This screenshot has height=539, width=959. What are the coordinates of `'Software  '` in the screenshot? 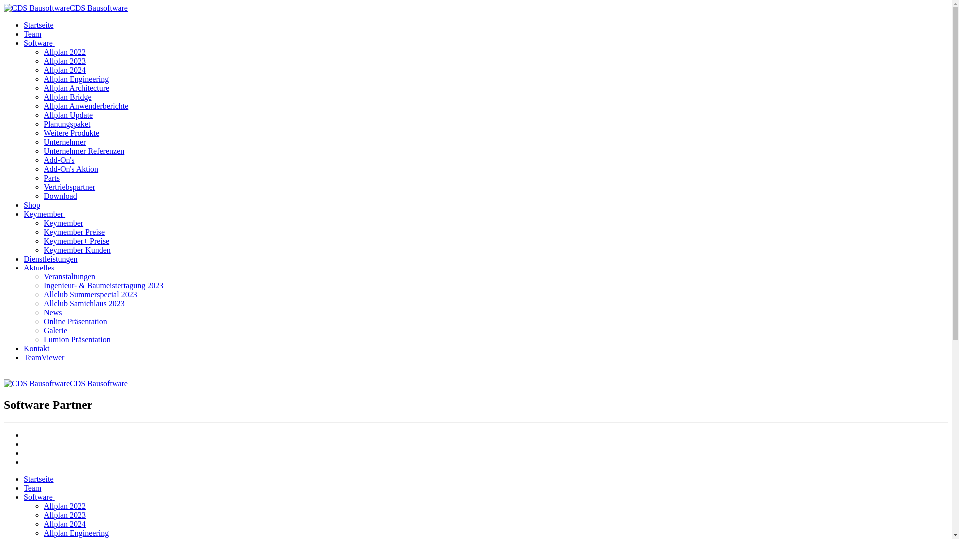 It's located at (24, 42).